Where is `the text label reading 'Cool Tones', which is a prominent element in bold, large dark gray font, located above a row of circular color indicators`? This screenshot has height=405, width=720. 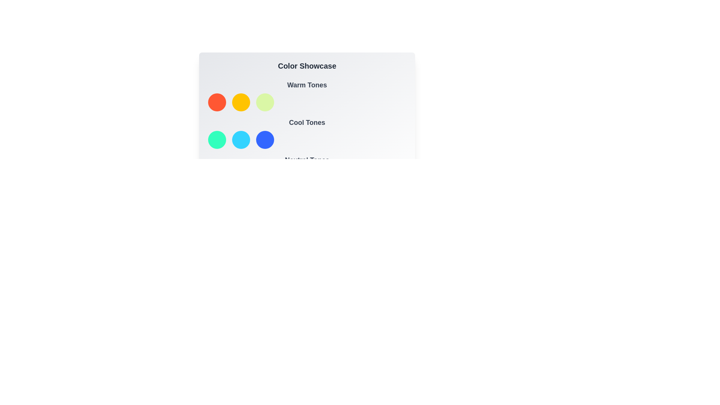 the text label reading 'Cool Tones', which is a prominent element in bold, large dark gray font, located above a row of circular color indicators is located at coordinates (307, 122).